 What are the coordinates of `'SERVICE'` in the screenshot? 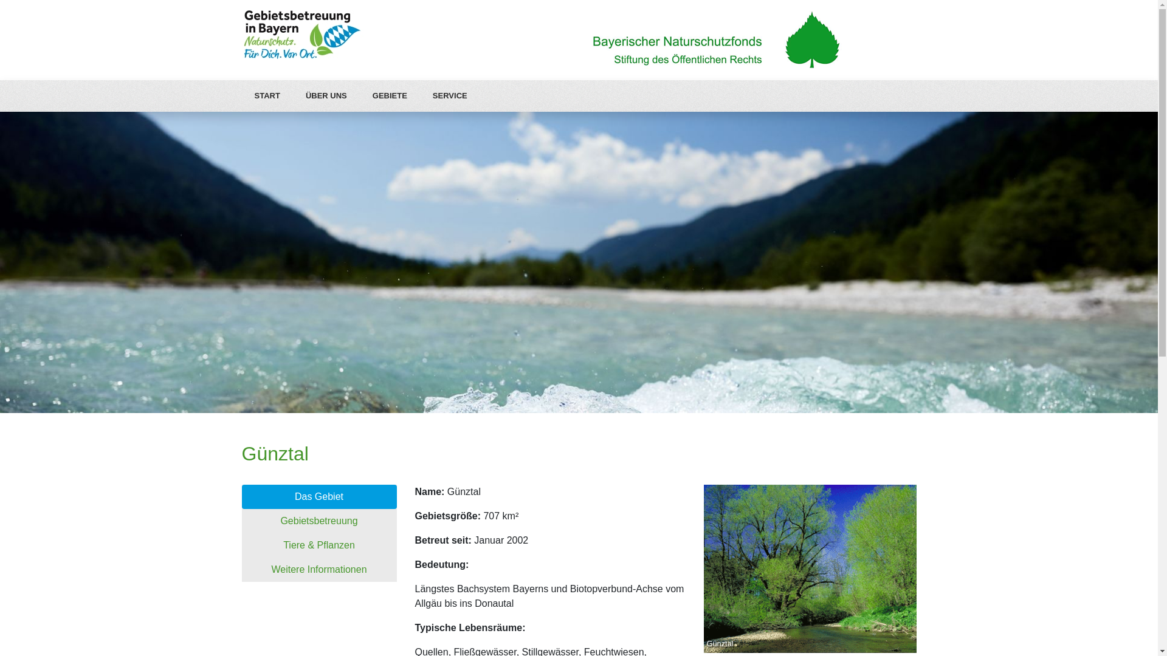 It's located at (449, 95).